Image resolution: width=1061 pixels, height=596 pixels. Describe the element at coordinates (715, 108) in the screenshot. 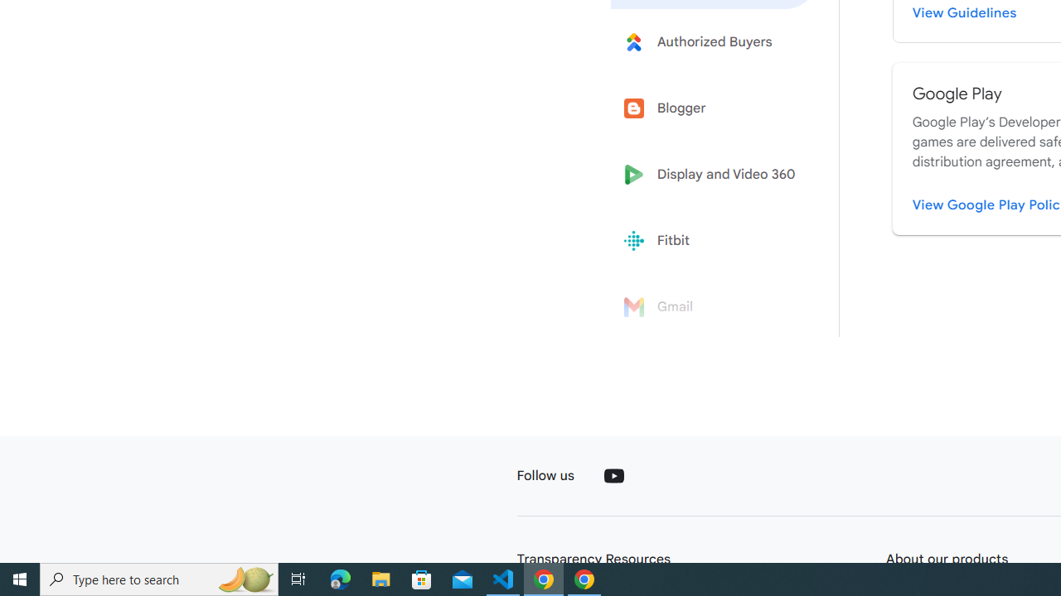

I see `'Blogger'` at that location.